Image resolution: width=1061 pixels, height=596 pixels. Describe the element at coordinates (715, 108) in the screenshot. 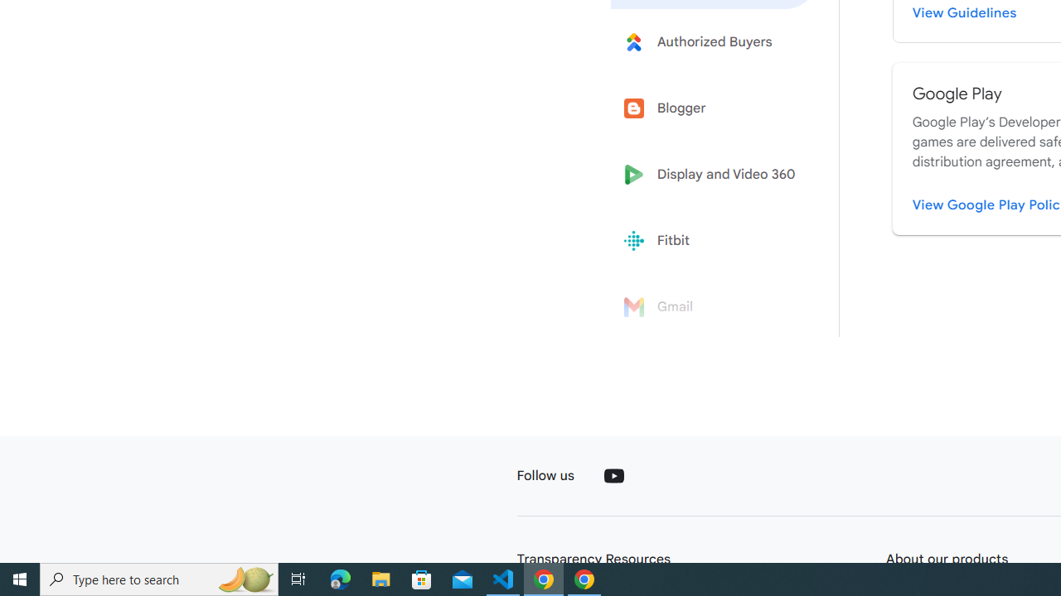

I see `'Blogger'` at that location.